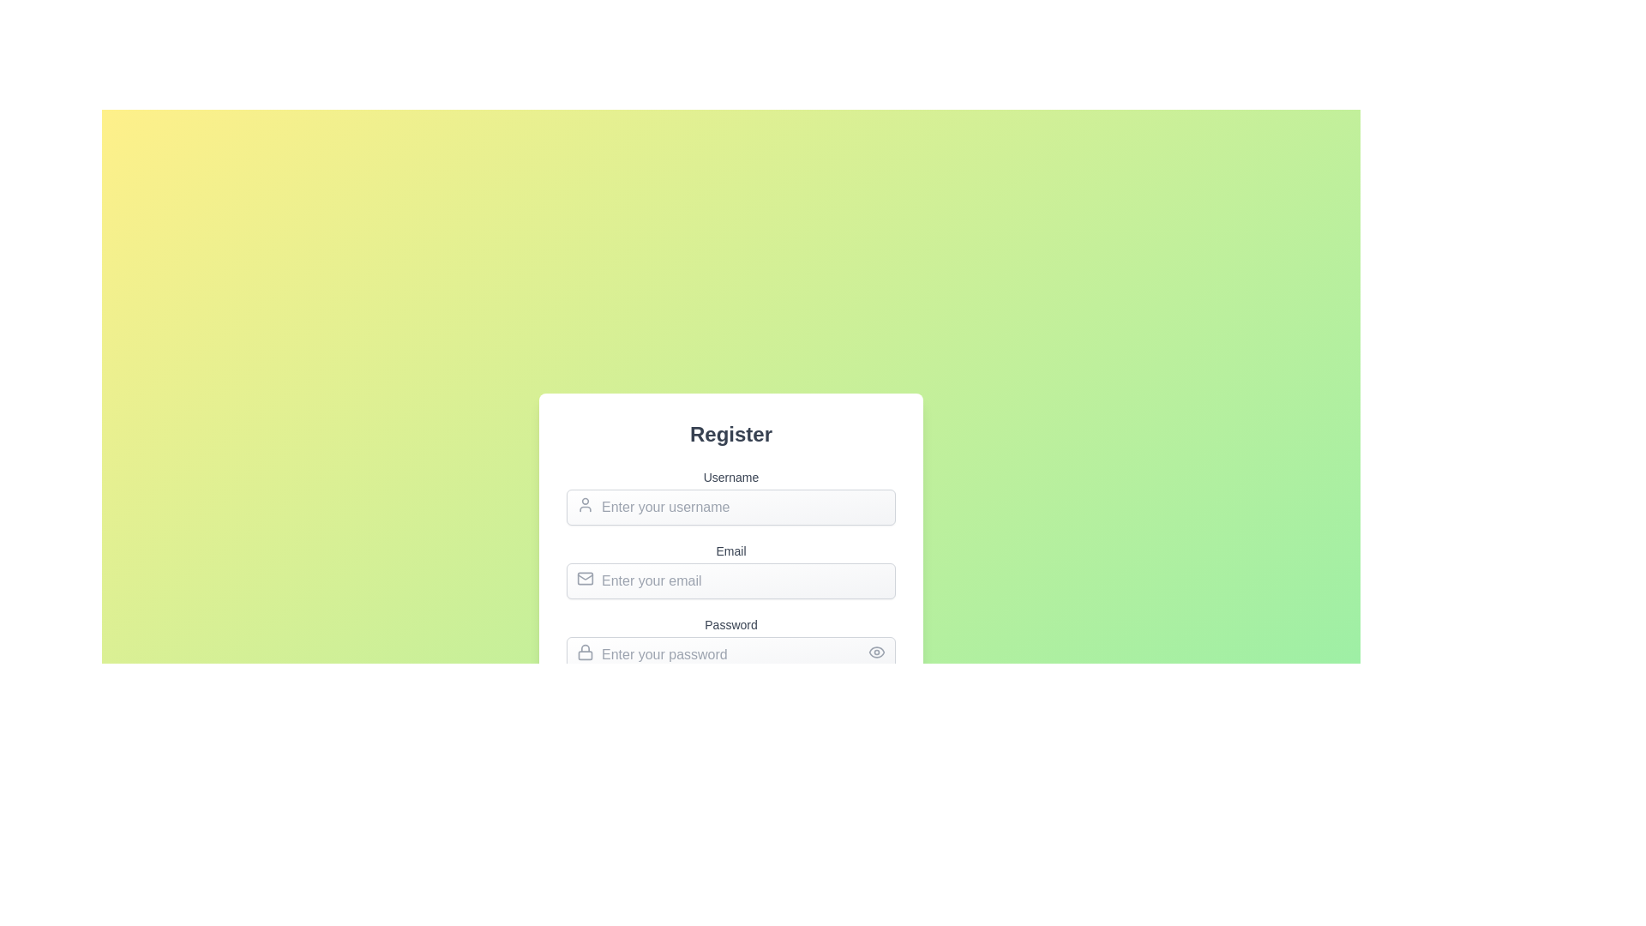  Describe the element at coordinates (731, 433) in the screenshot. I see `the bold, centered heading labeled 'Register' that is located at the top of the registration form, which is a white rounded rectangle with a shadow` at that location.